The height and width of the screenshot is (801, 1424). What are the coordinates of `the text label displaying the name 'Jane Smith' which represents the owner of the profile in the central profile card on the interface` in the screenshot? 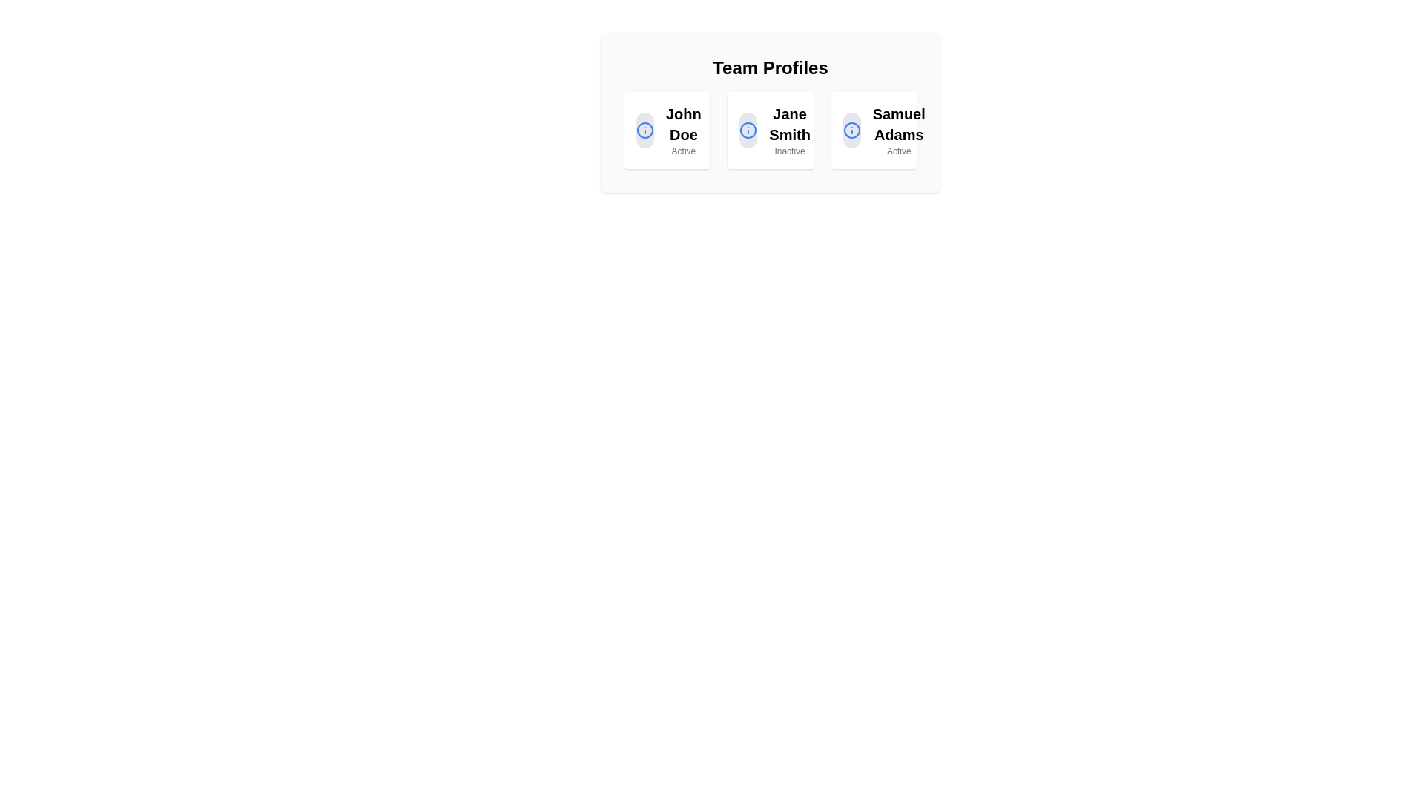 It's located at (789, 124).